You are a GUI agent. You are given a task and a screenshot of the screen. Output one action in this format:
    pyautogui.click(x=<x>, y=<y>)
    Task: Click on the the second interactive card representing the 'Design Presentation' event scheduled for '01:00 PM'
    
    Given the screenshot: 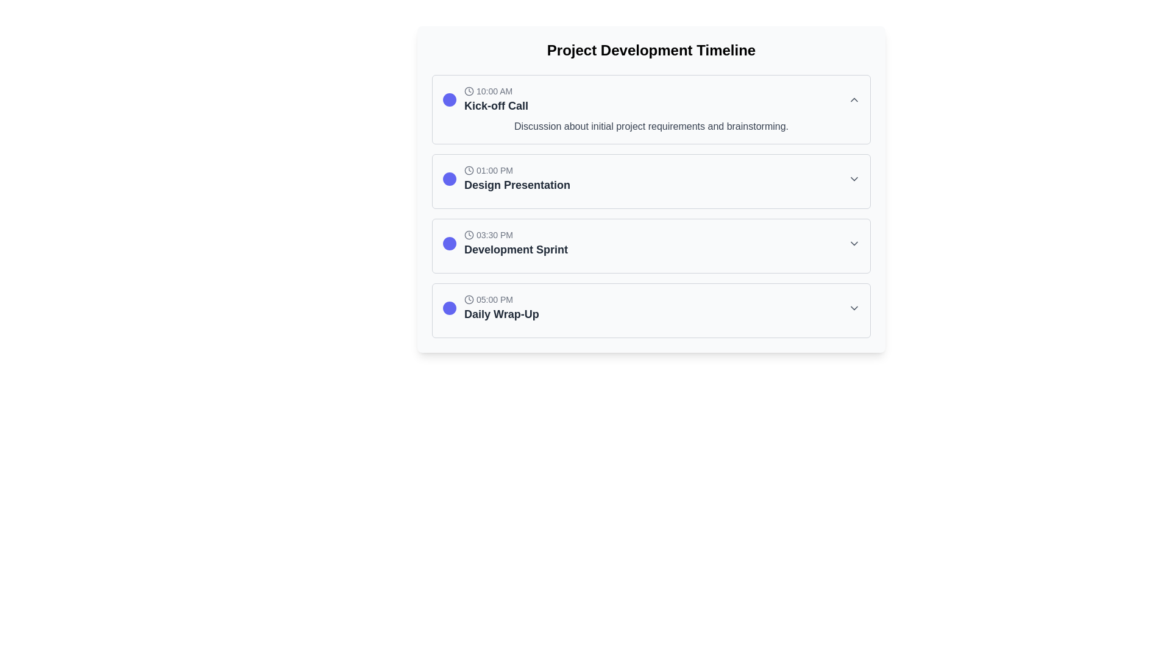 What is the action you would take?
    pyautogui.click(x=651, y=189)
    